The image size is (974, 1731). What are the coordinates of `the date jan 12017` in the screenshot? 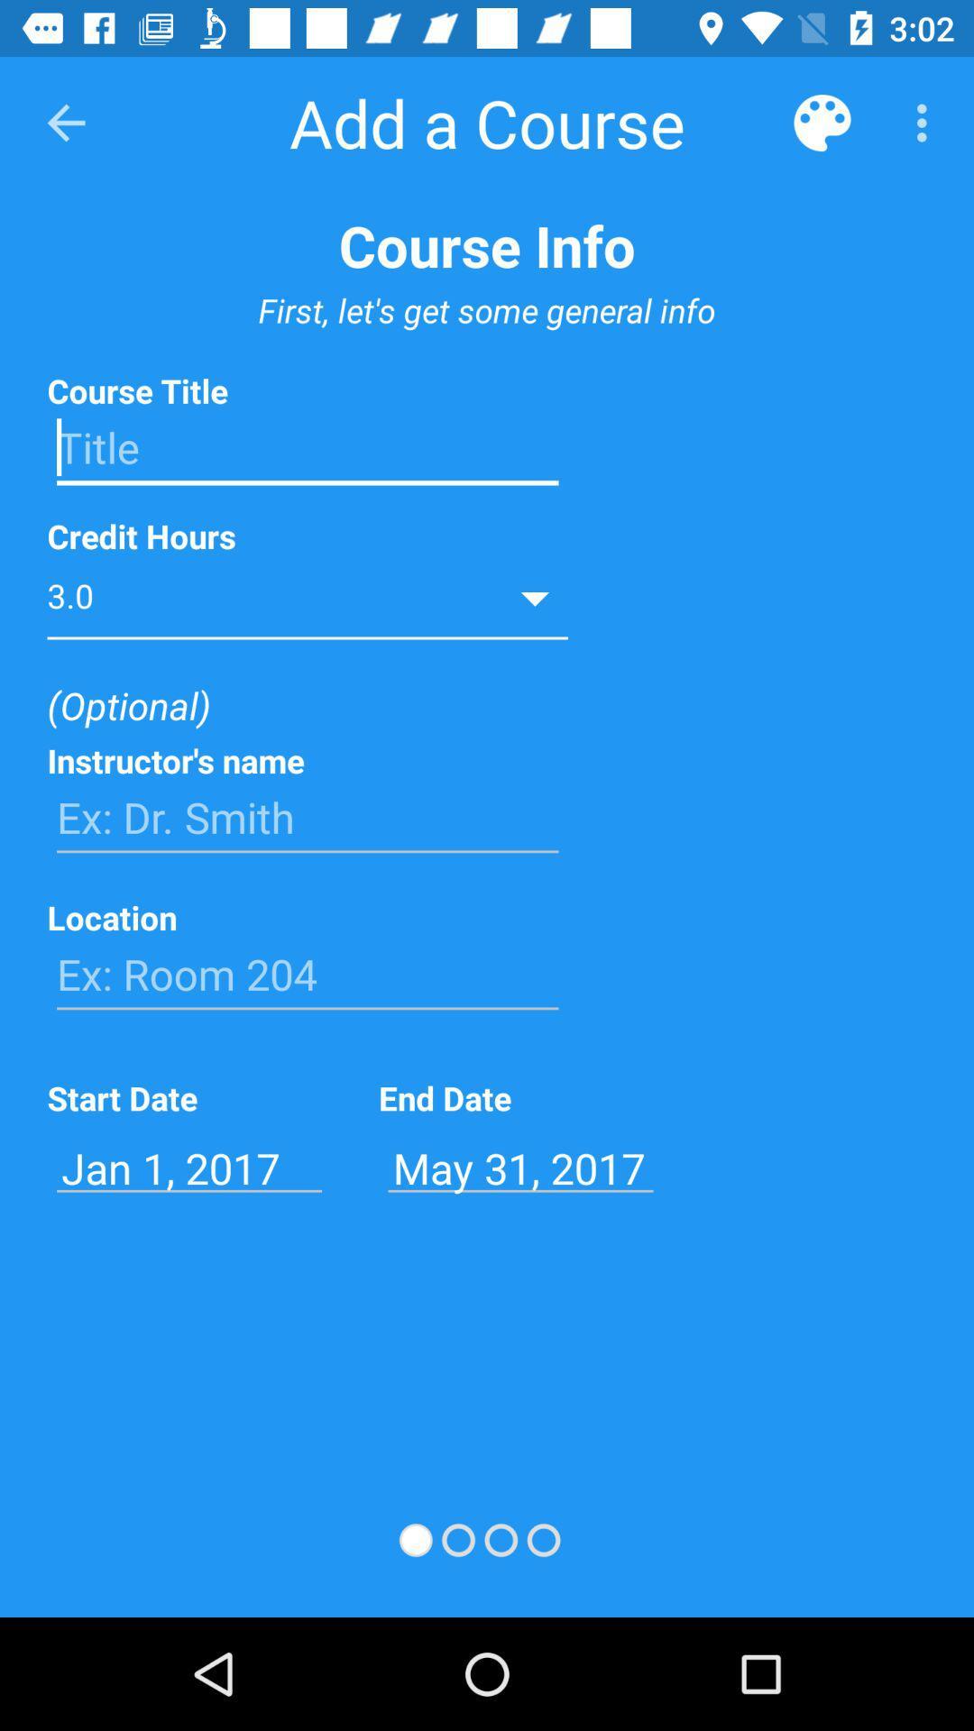 It's located at (189, 1168).